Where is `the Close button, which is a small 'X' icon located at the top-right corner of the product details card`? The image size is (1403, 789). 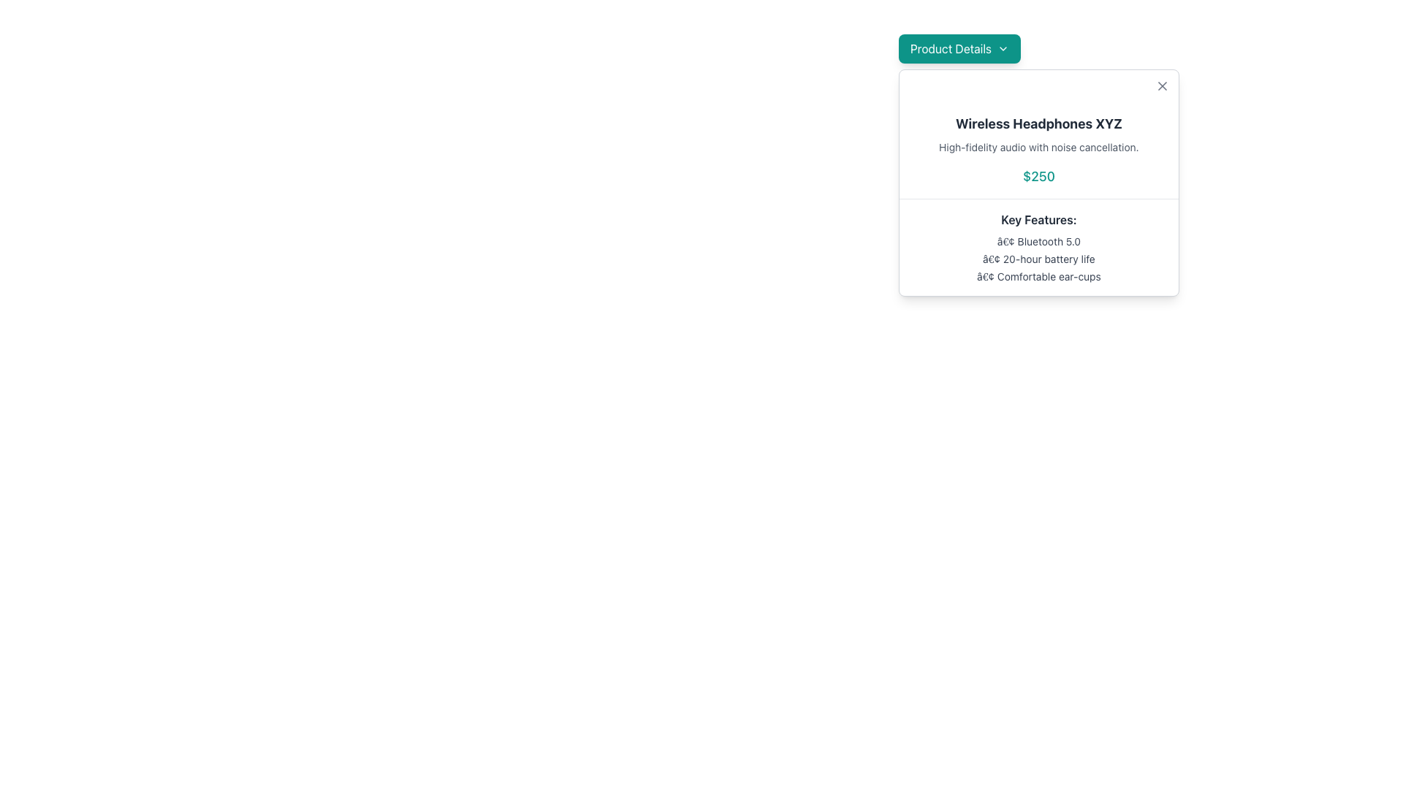 the Close button, which is a small 'X' icon located at the top-right corner of the product details card is located at coordinates (1161, 86).